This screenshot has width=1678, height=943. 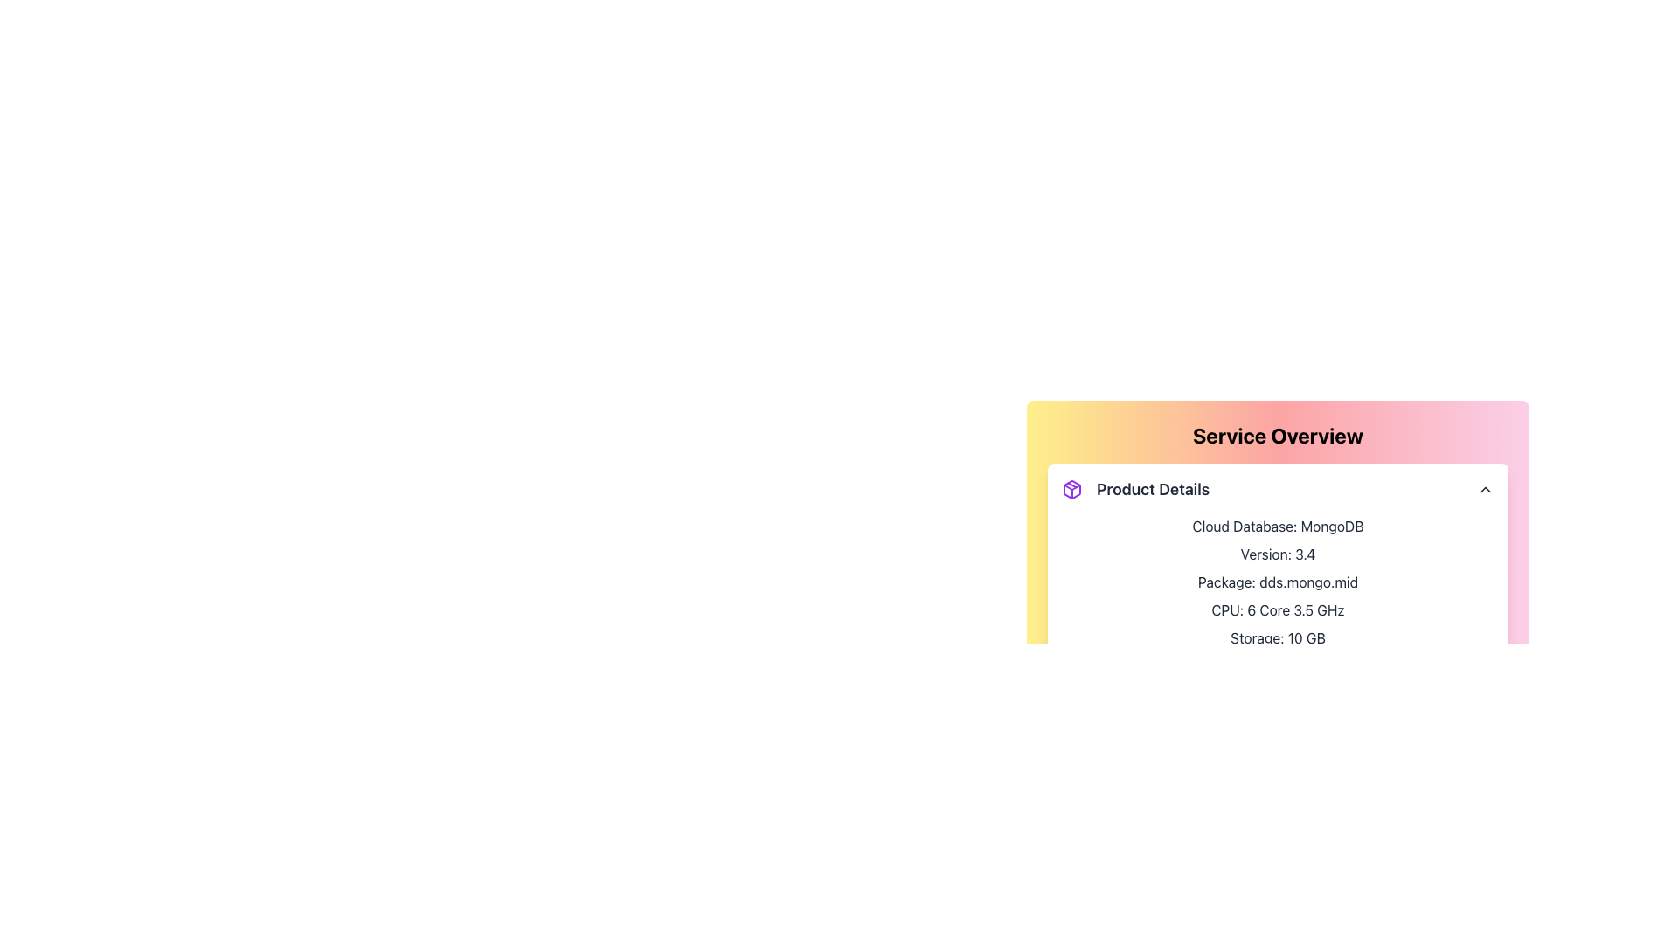 I want to click on the text label 'Product Details', which is styled in bold font and located to the right of a purple package icon within the 'Service Overview' section, so click(x=1153, y=489).